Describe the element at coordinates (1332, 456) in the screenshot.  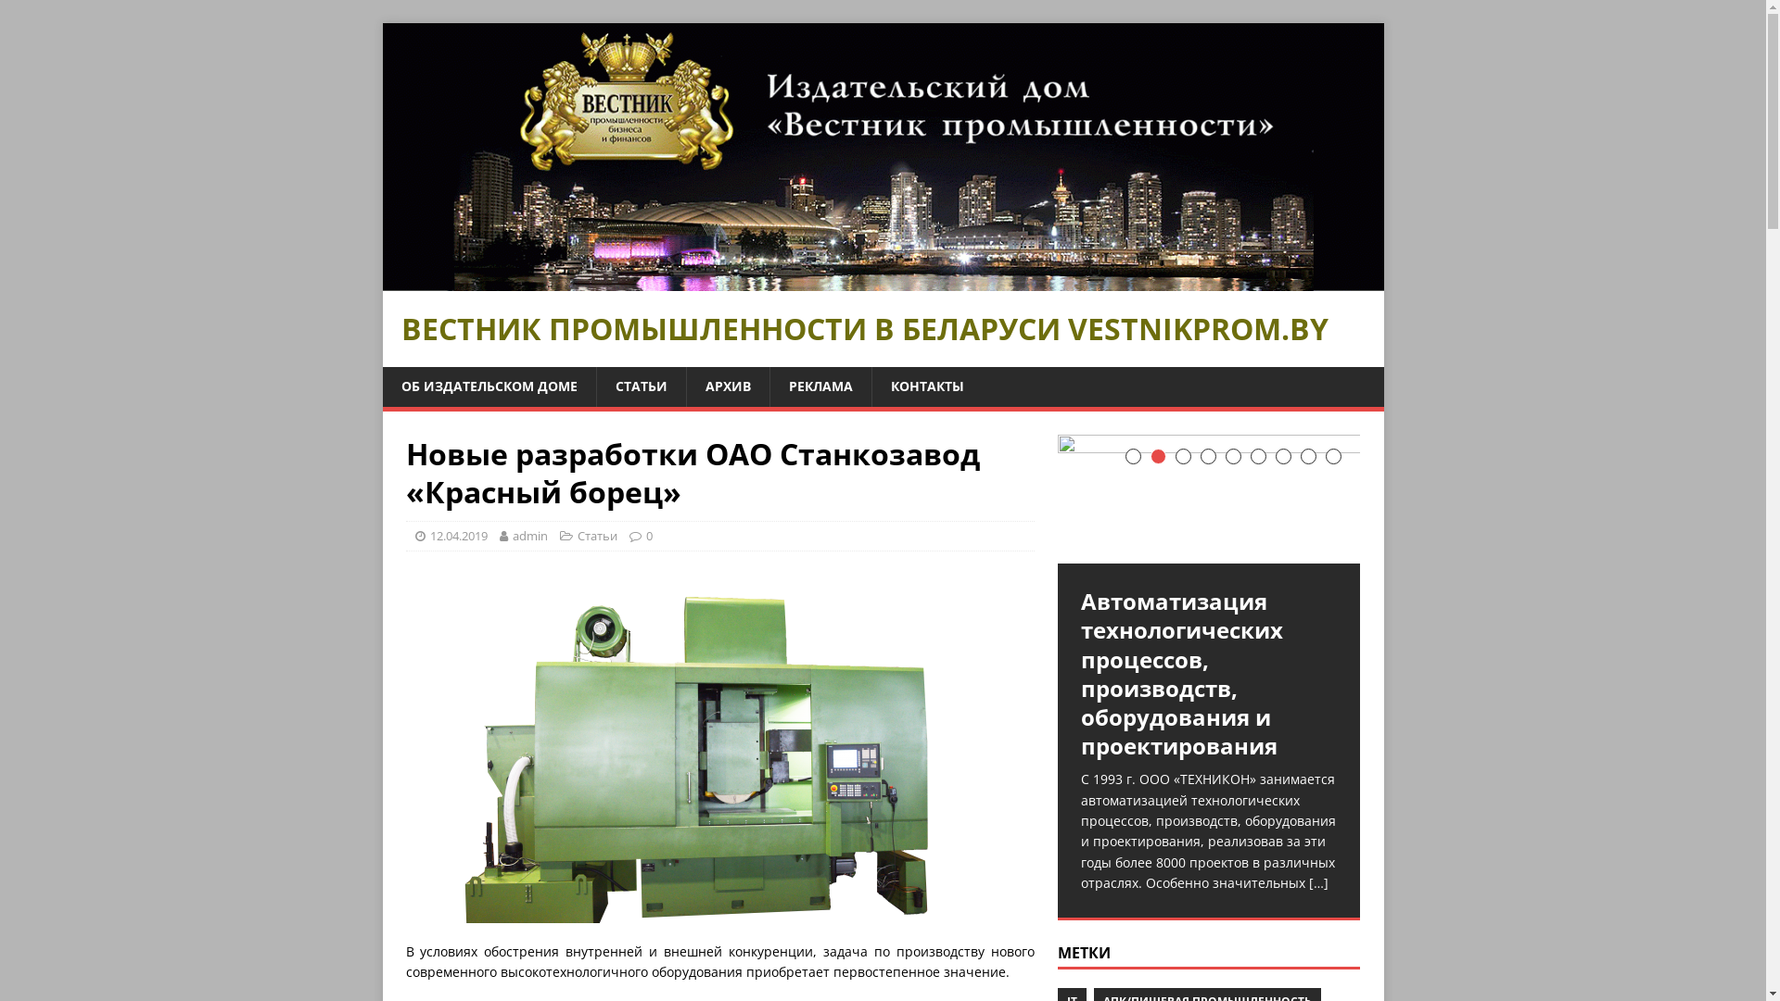
I see `'9'` at that location.